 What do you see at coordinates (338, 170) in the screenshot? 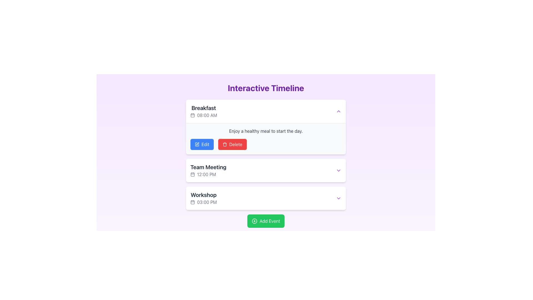
I see `the button located at the top-right corner of the 'Team Meeting' event card` at bounding box center [338, 170].